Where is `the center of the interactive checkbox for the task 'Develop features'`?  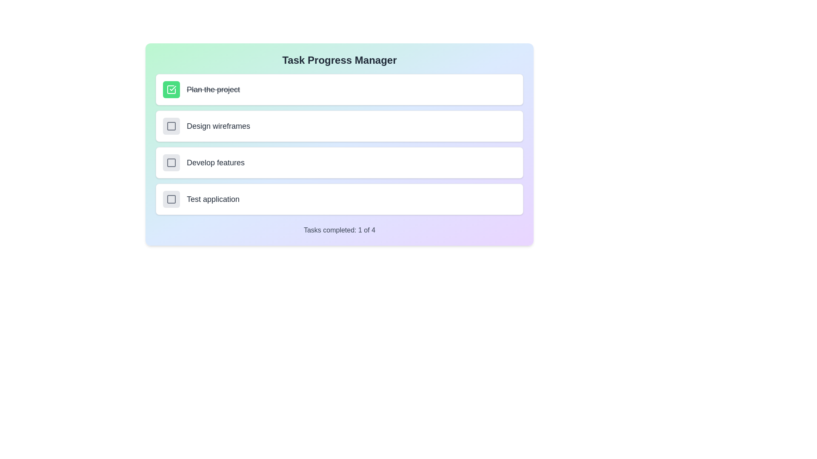 the center of the interactive checkbox for the task 'Develop features' is located at coordinates (171, 162).